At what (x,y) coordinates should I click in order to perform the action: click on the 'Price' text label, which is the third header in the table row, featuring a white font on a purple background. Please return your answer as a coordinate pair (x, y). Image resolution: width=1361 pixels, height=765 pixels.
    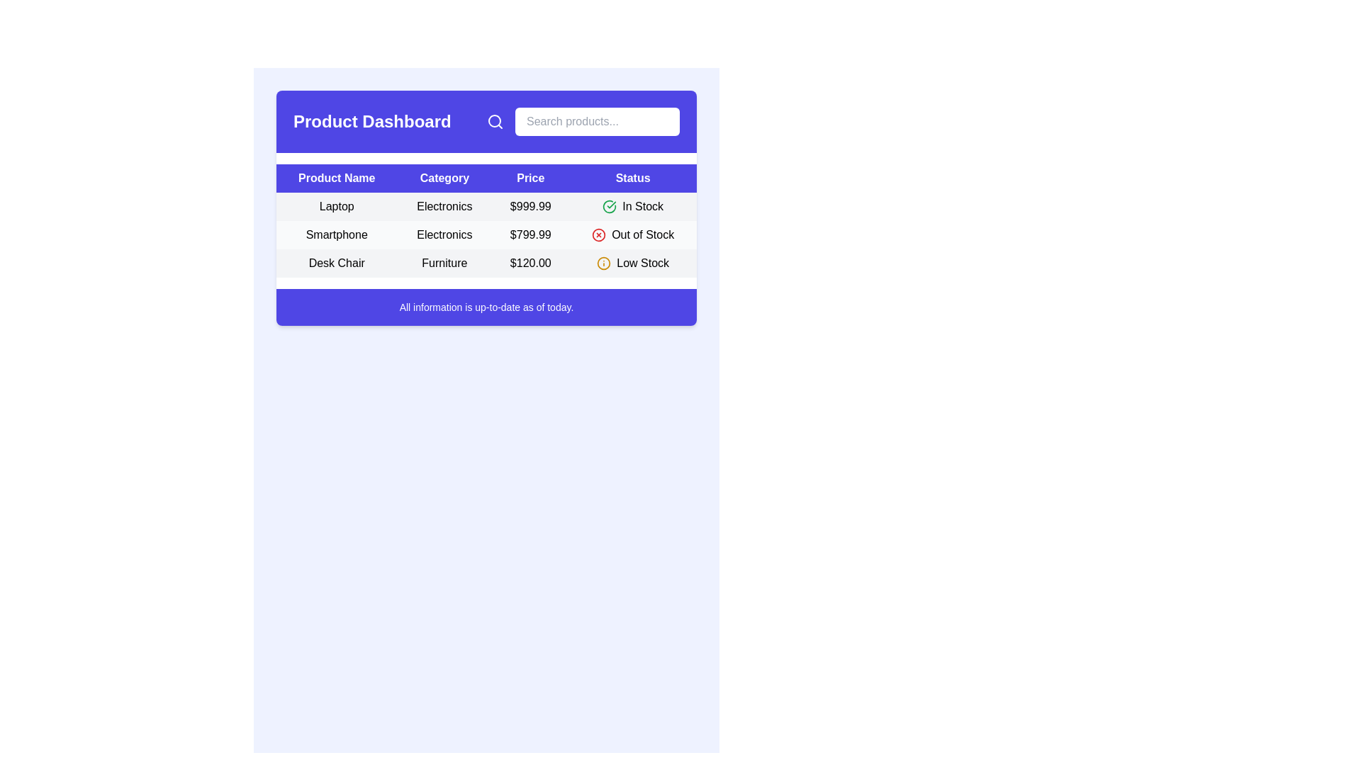
    Looking at the image, I should click on (530, 177).